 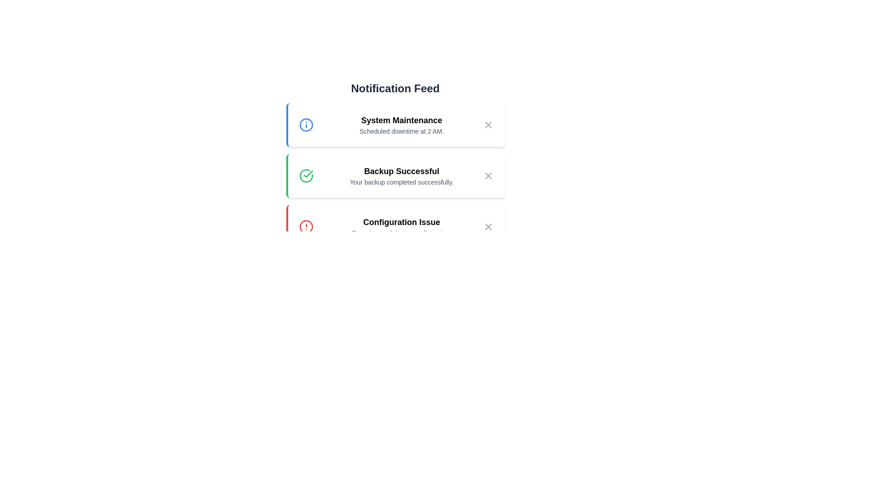 What do you see at coordinates (488, 125) in the screenshot?
I see `close button of the notification with title System Maintenance` at bounding box center [488, 125].